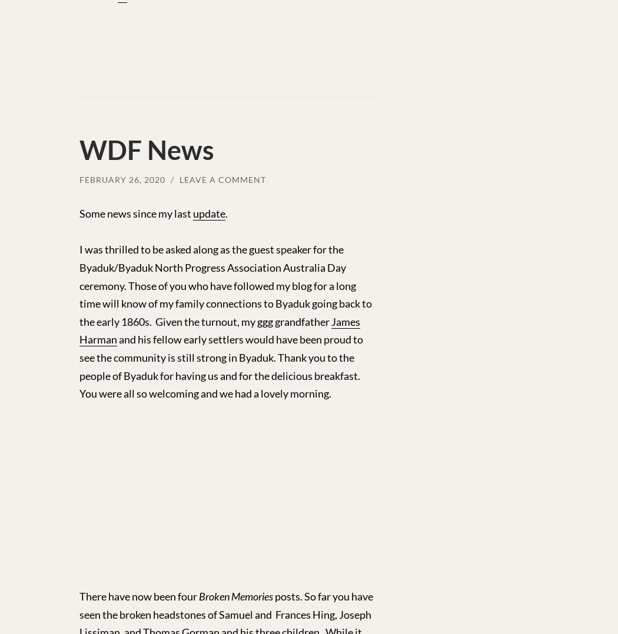 This screenshot has width=618, height=634. Describe the element at coordinates (122, 179) in the screenshot. I see `'February 26, 2020'` at that location.